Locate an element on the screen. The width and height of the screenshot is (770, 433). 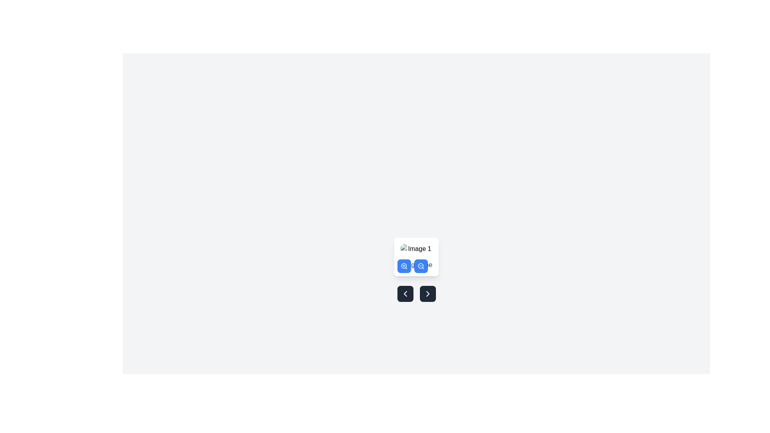
the rightward-facing chevron icon inside the rounded rectangular button is located at coordinates (427, 293).